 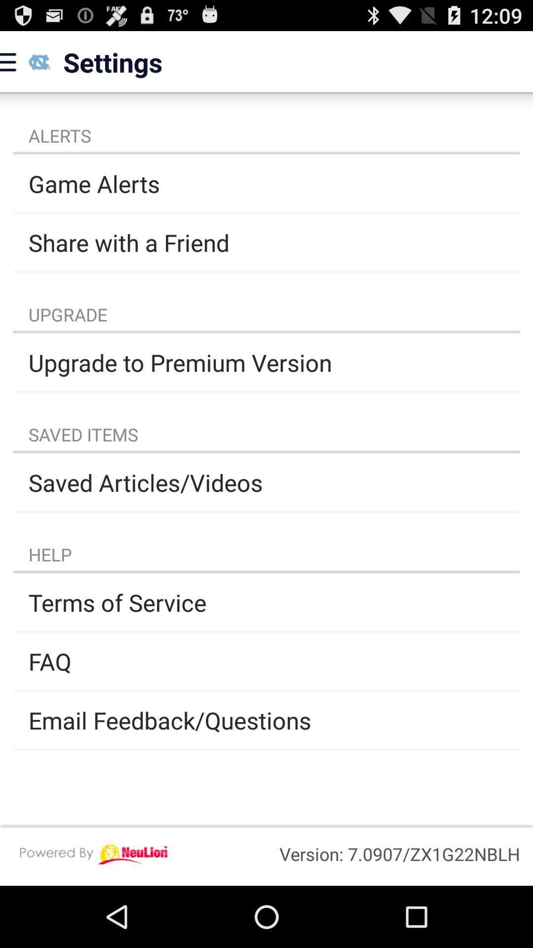 I want to click on faq item, so click(x=266, y=661).